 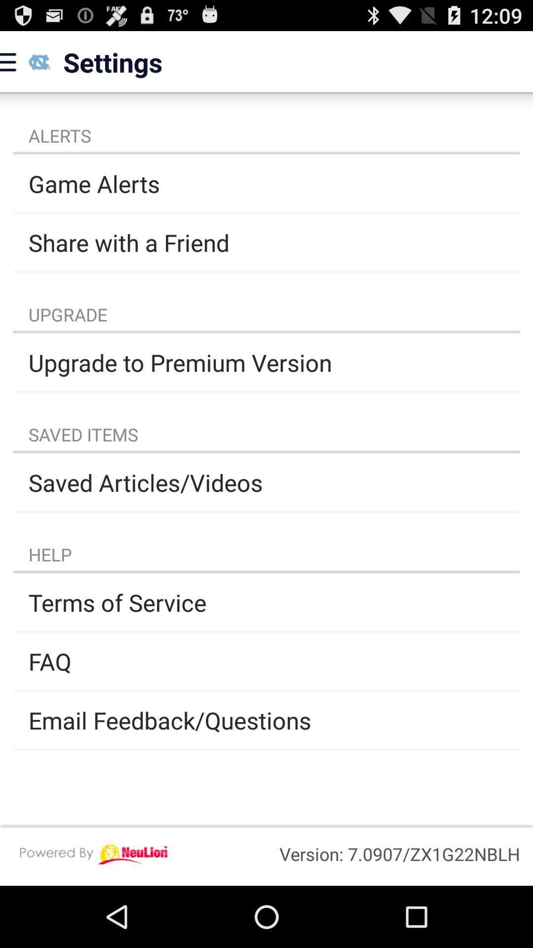 I want to click on faq item, so click(x=266, y=661).